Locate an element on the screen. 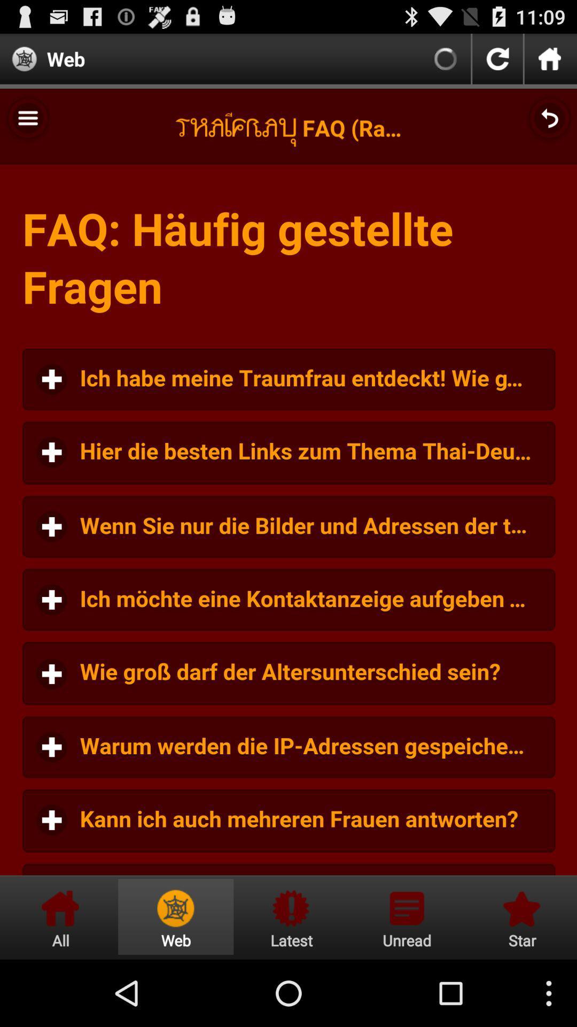  important notifications is located at coordinates (291, 916).